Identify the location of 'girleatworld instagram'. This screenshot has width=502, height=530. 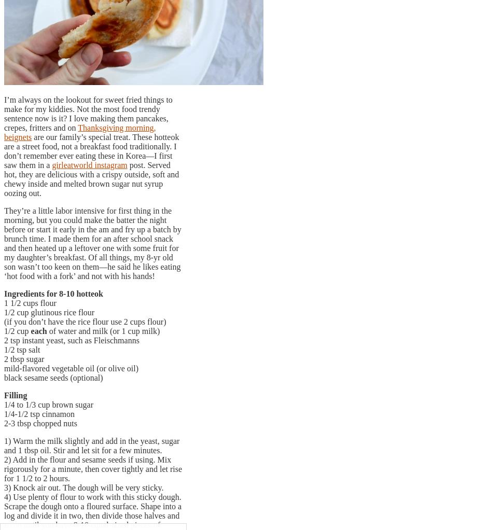
(89, 164).